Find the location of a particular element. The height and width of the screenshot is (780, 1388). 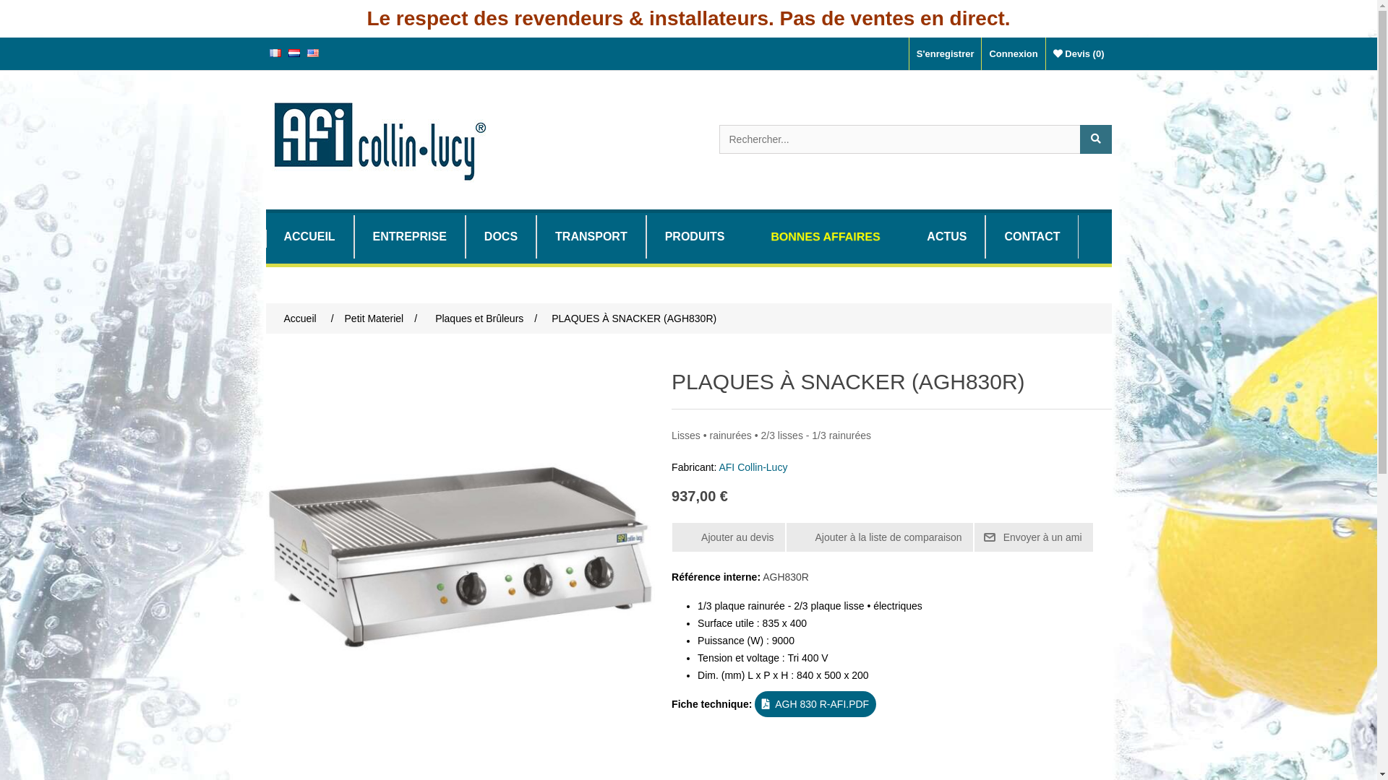

'Devis (0)' is located at coordinates (1079, 53).